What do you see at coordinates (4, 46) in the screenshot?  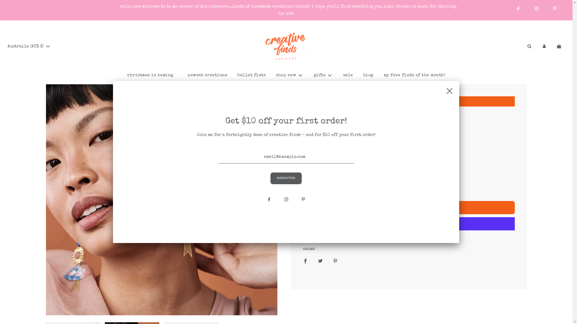 I see `'Australia (AUD $)'` at bounding box center [4, 46].